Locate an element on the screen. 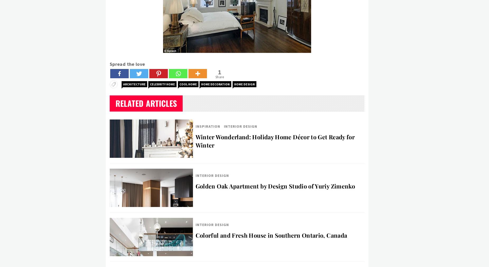 This screenshot has width=489, height=267. 'Celebrity home' is located at coordinates (162, 84).